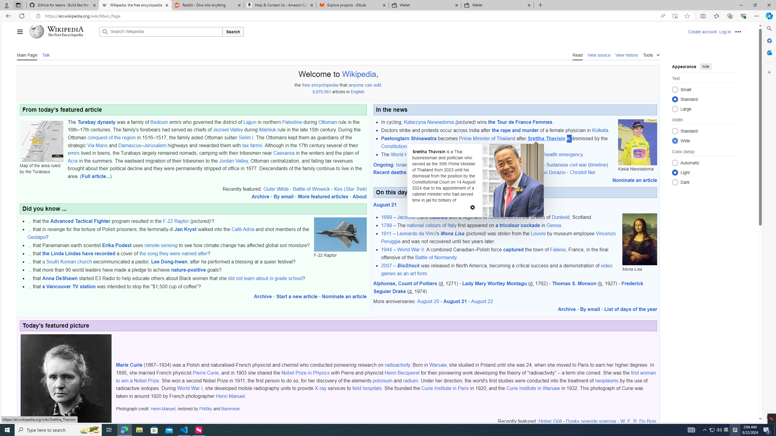 The height and width of the screenshot is (436, 776). I want to click on 'Prime Minister of Thailand', so click(487, 138).